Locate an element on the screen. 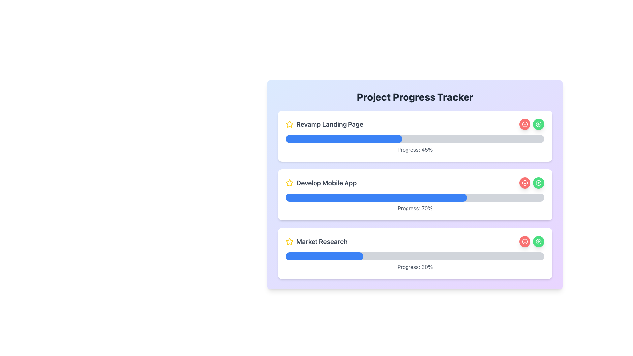 Image resolution: width=633 pixels, height=356 pixels. the structured progress tracker interface that displays the completion status of tasks, which is the second among its sibling sections is located at coordinates (414, 194).